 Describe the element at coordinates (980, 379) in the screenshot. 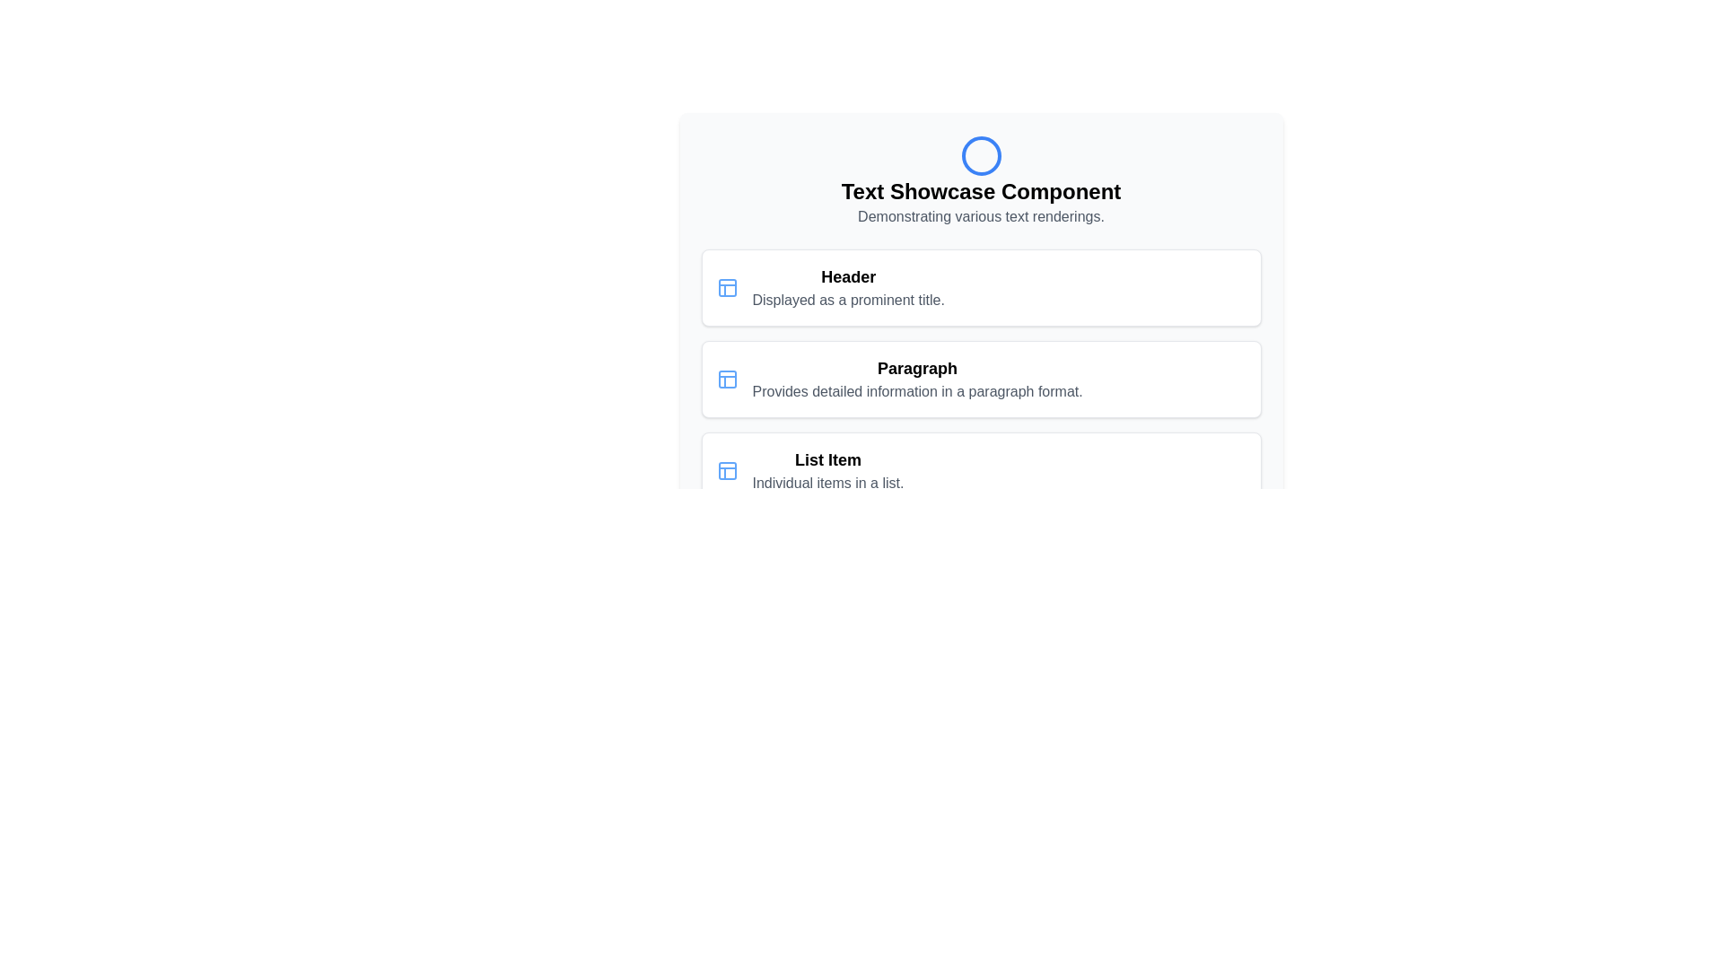

I see `text from the Informational card located in the 'Text Showcase Component', which is the second item in a vertical list, positioned below the 'Header' item` at that location.